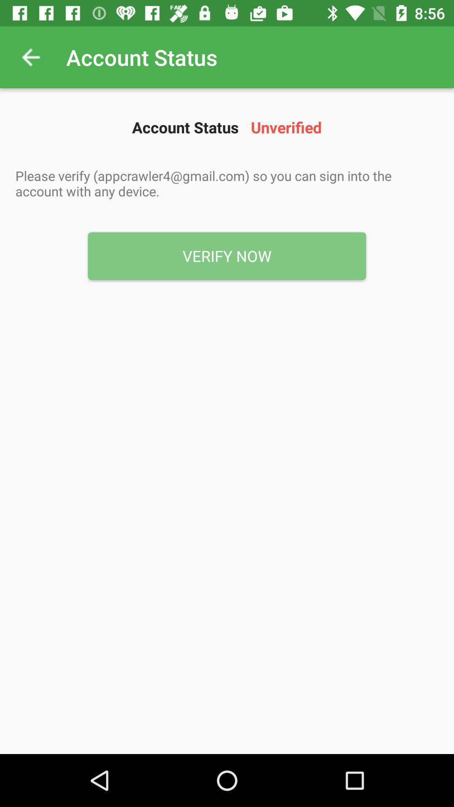 Image resolution: width=454 pixels, height=807 pixels. I want to click on the icon below the please verify appcrawler4 item, so click(227, 256).